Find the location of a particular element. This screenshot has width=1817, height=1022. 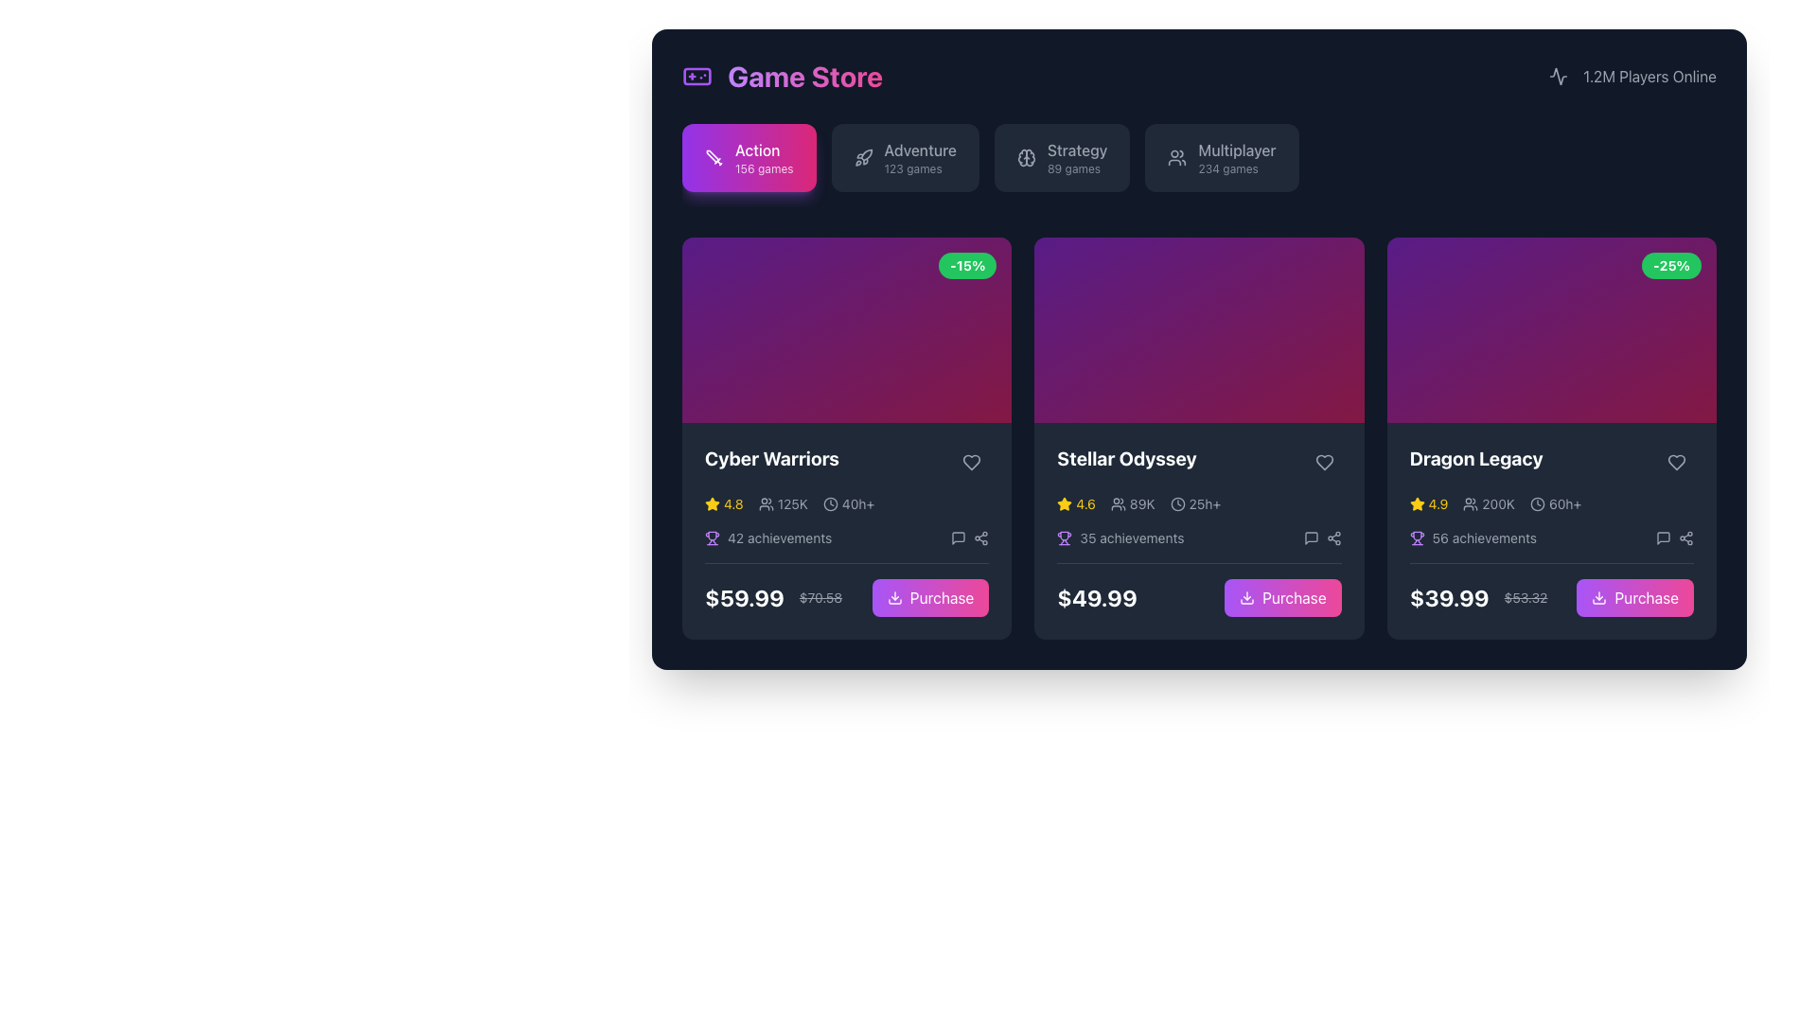

the Icon and Text Pair displaying two user figures and '89K' for further details is located at coordinates (1133, 502).